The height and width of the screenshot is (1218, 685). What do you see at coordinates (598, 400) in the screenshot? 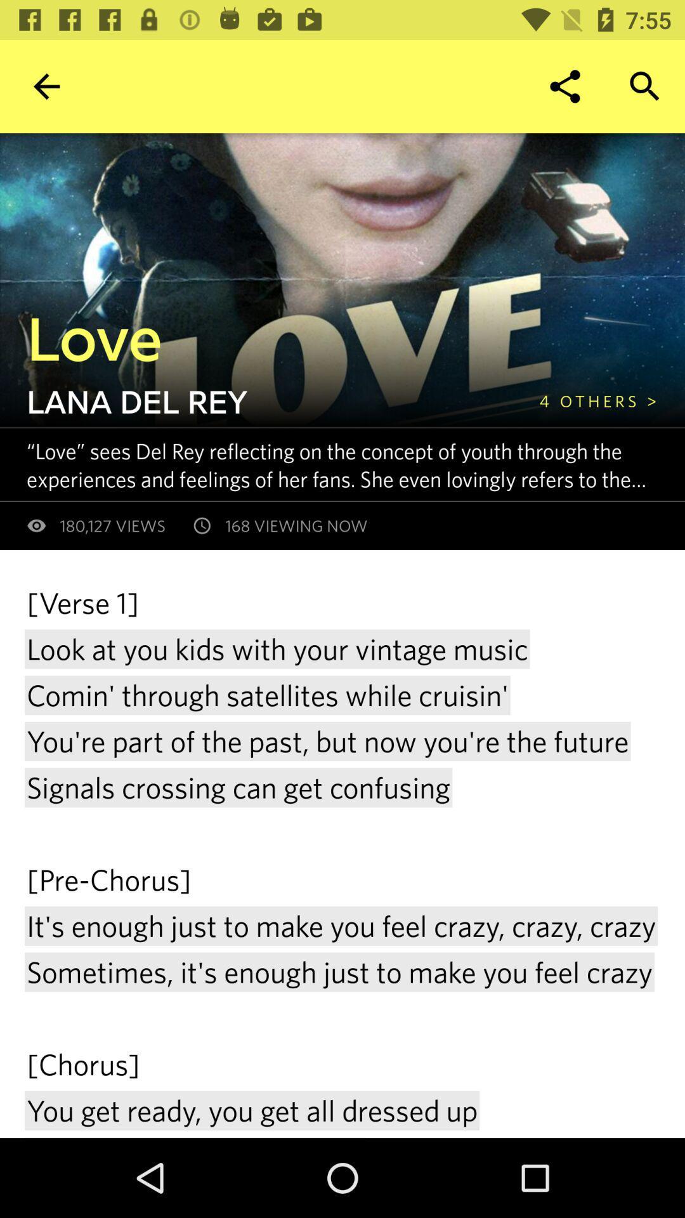
I see `the icon to the right of the lana del rey icon` at bounding box center [598, 400].